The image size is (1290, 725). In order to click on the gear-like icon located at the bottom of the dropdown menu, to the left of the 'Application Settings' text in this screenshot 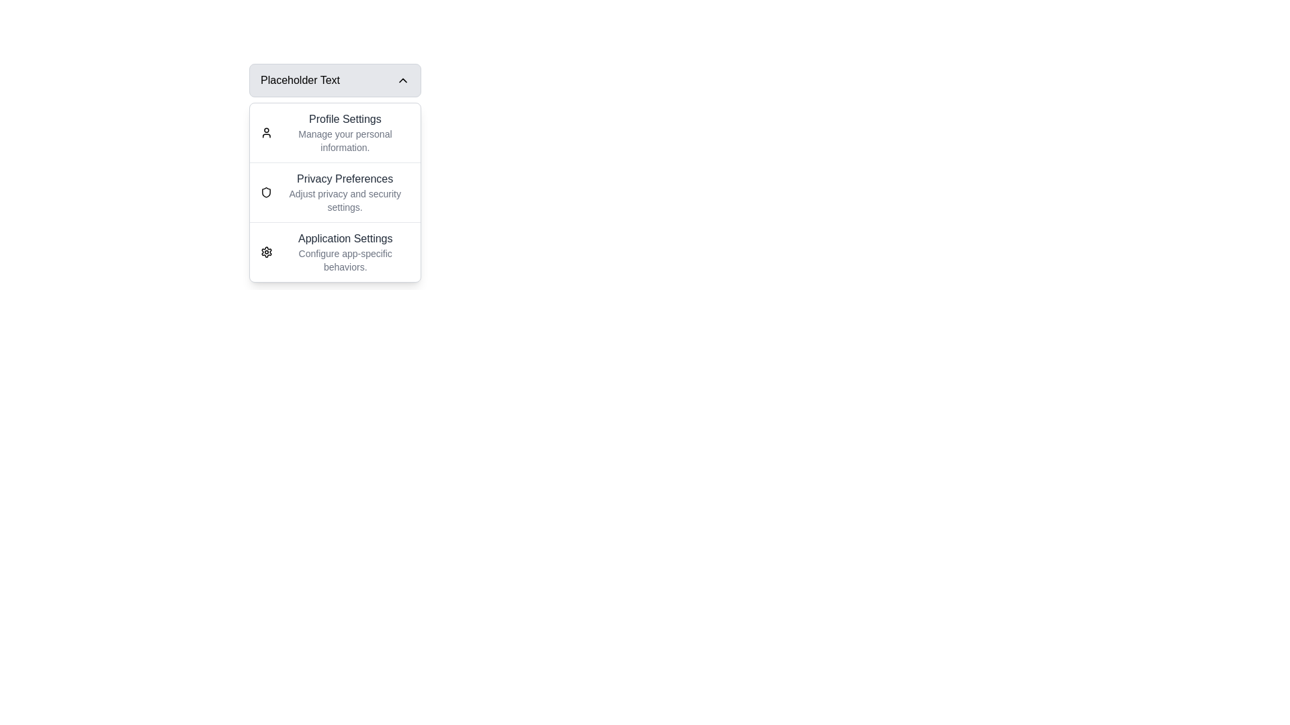, I will do `click(267, 252)`.